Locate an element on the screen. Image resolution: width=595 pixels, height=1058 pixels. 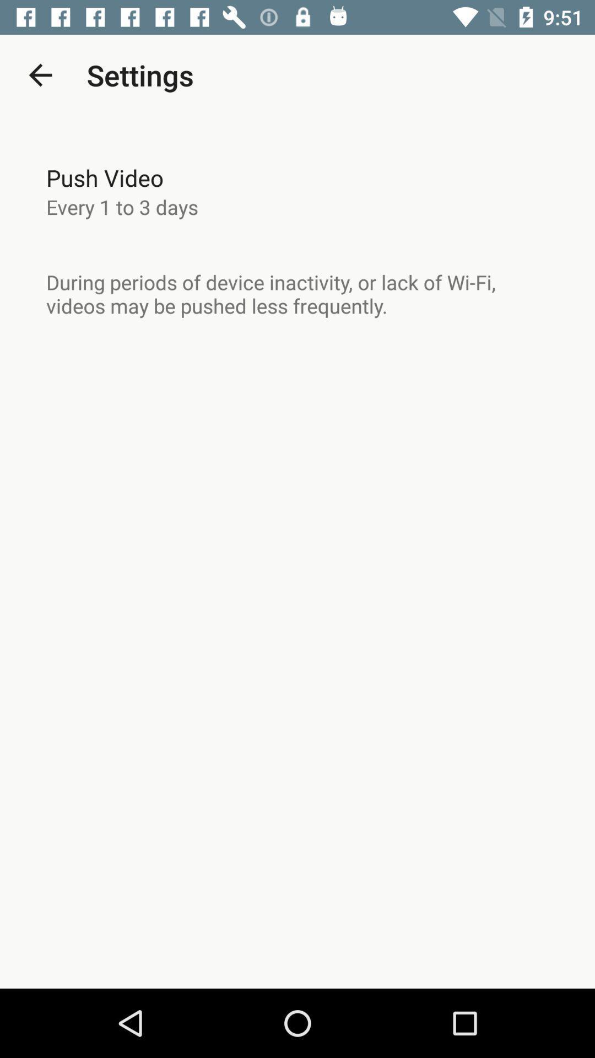
the item above push video icon is located at coordinates (40, 74).